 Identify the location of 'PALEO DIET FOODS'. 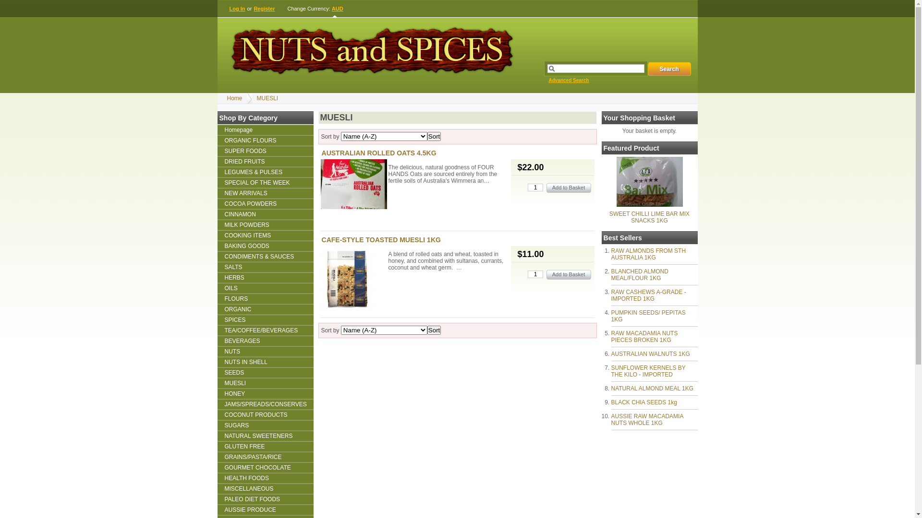
(265, 499).